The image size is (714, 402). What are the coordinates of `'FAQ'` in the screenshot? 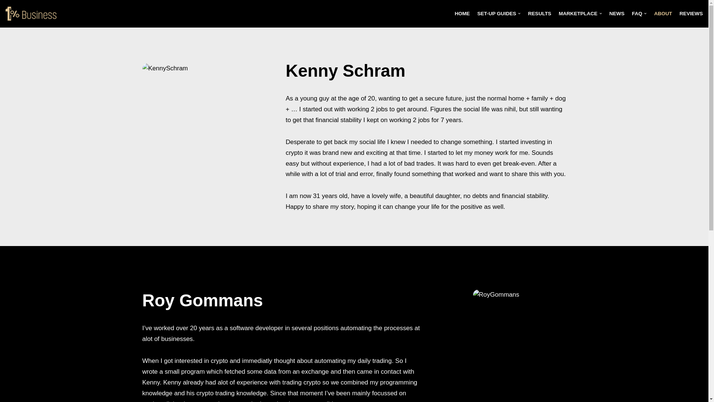 It's located at (639, 13).